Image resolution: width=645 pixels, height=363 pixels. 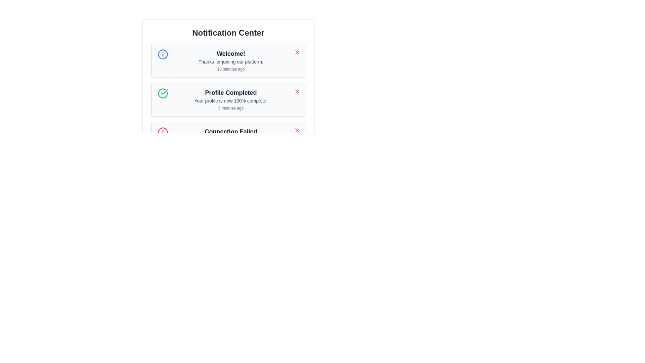 I want to click on static text display indicating the time elapsed since the notification was generated, located at the bottom of the 'Profile Completed' notification interface, so click(x=231, y=108).